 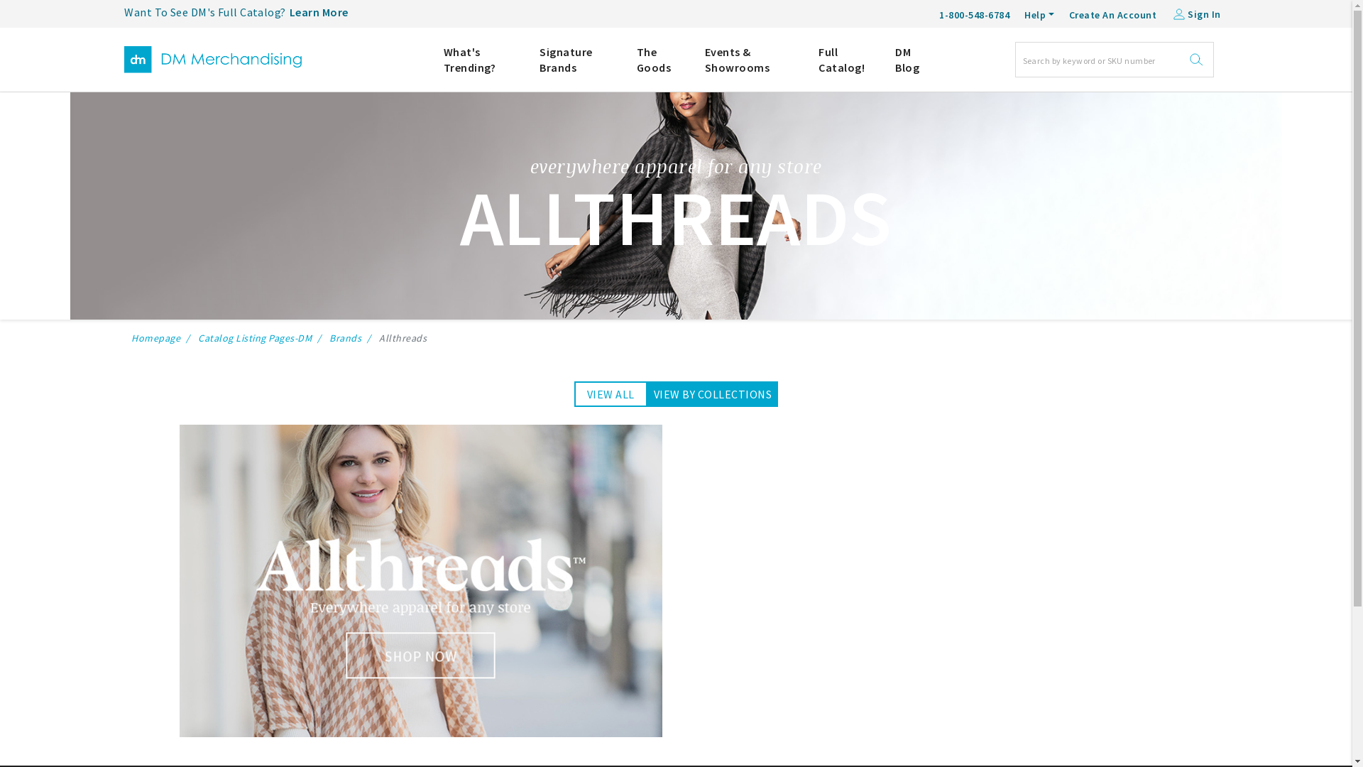 What do you see at coordinates (611, 394) in the screenshot?
I see `'VIEW ALL'` at bounding box center [611, 394].